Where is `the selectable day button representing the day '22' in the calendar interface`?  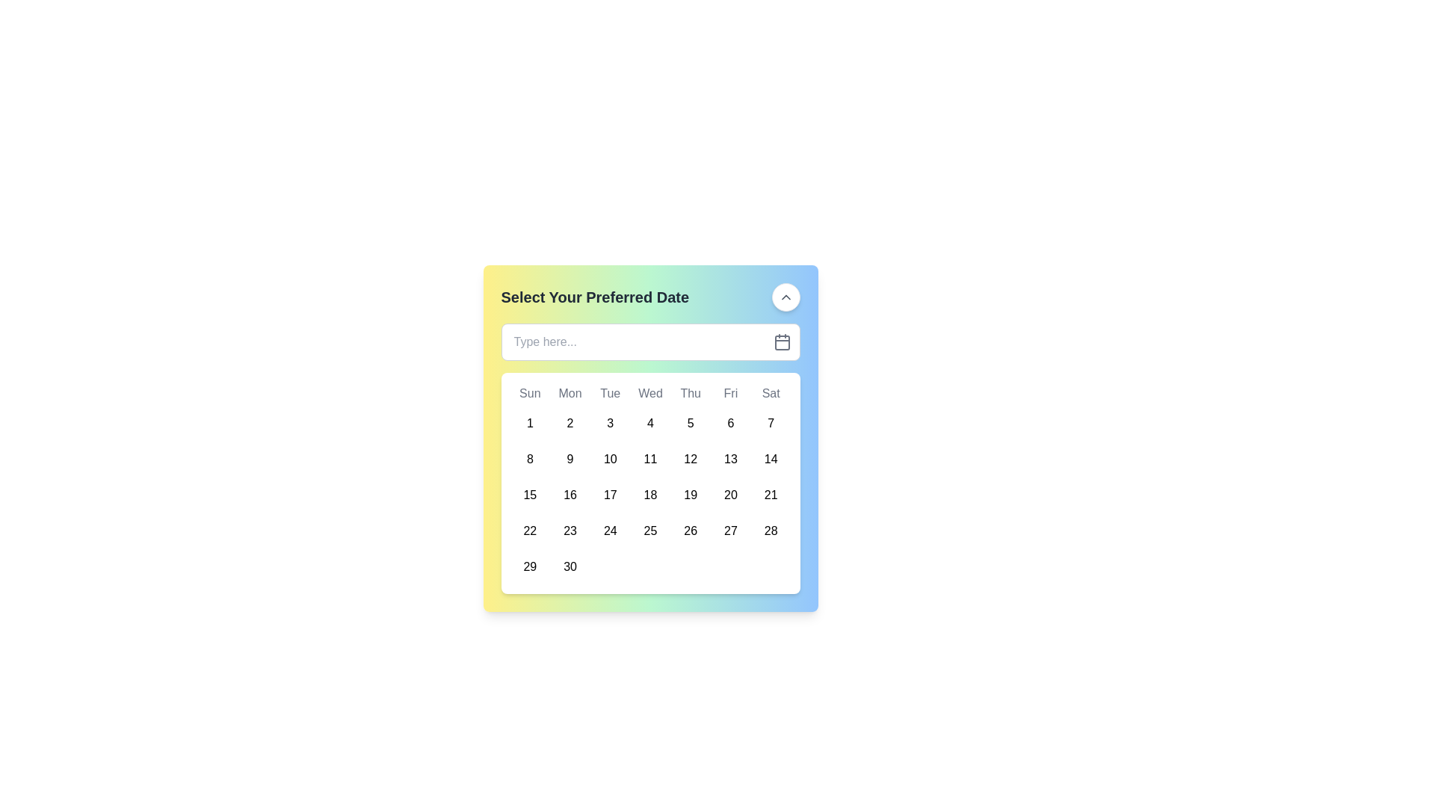 the selectable day button representing the day '22' in the calendar interface is located at coordinates (530, 530).